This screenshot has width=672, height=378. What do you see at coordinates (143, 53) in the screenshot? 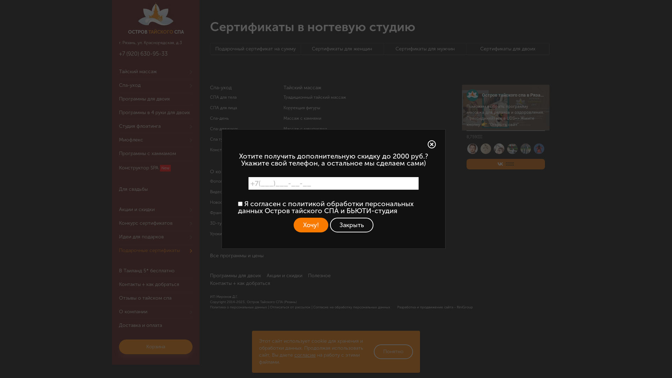
I see `'+7 (920) 630-95-33'` at bounding box center [143, 53].